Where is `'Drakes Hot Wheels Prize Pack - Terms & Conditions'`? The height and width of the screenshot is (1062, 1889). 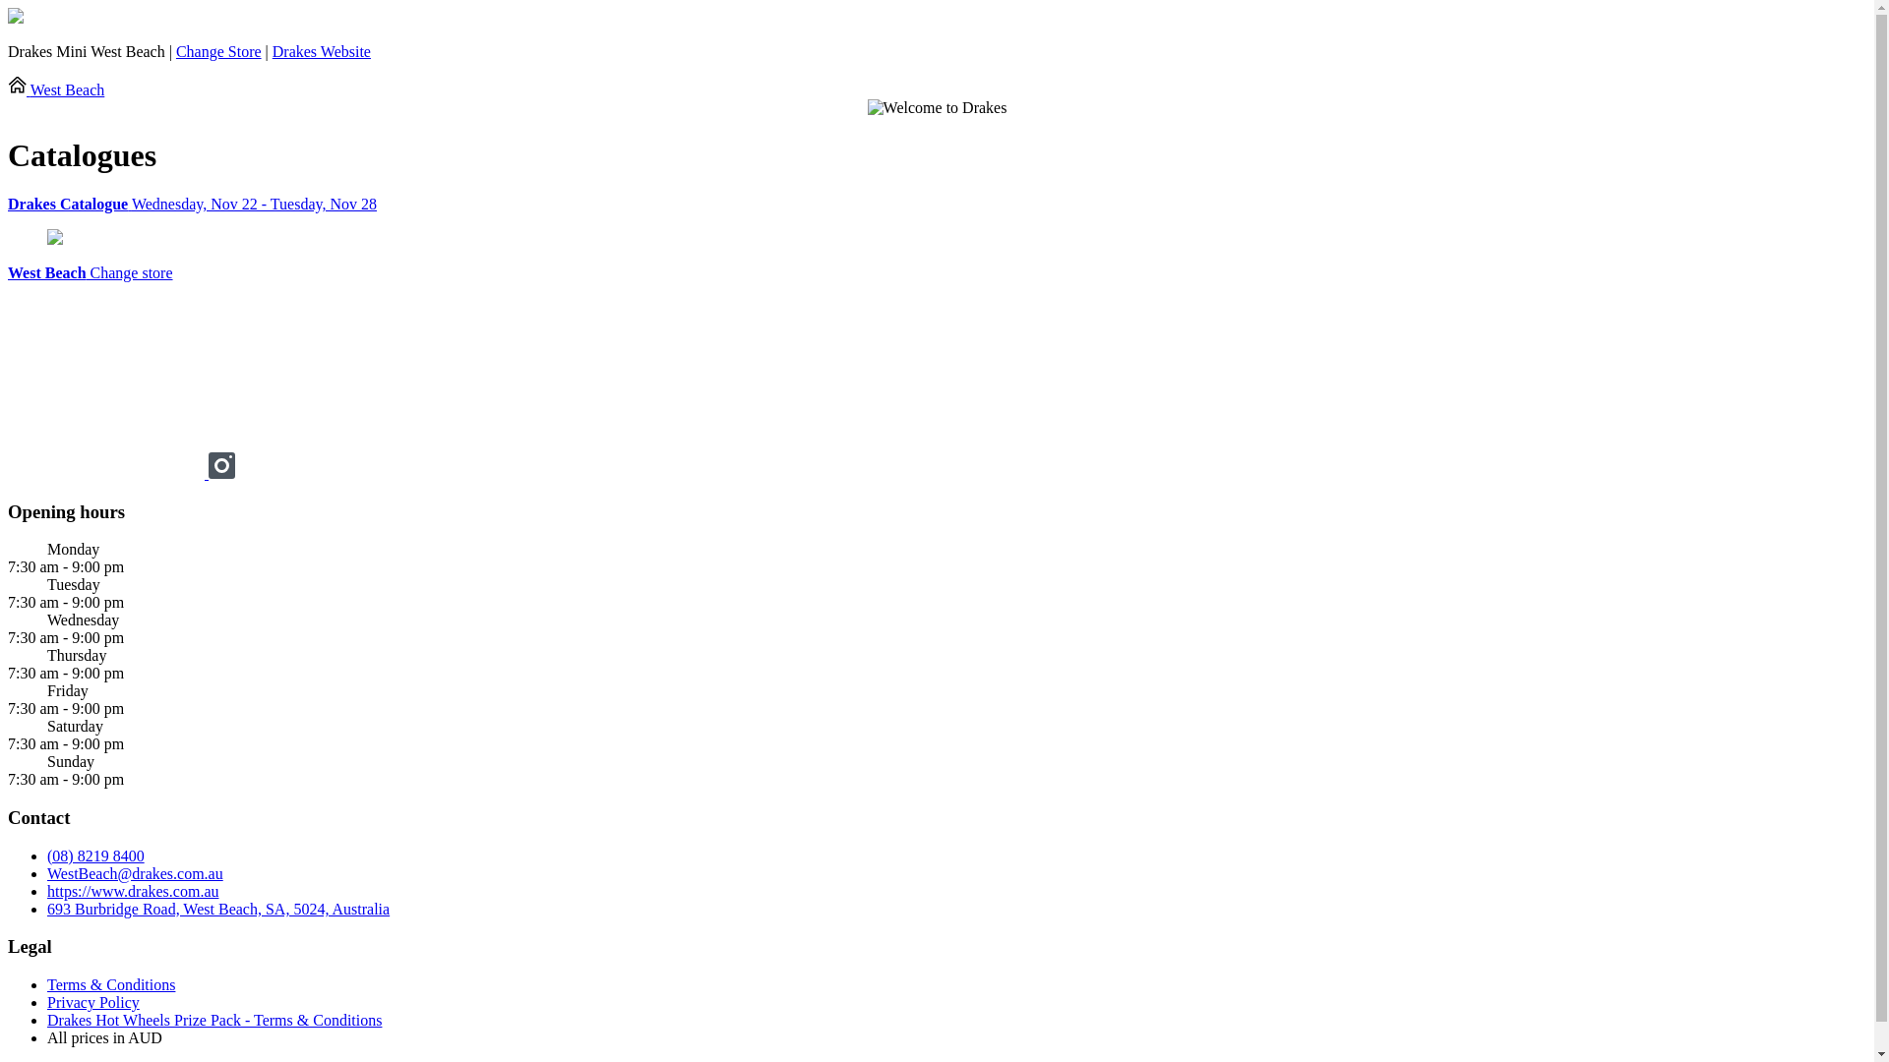 'Drakes Hot Wheels Prize Pack - Terms & Conditions' is located at coordinates (213, 1019).